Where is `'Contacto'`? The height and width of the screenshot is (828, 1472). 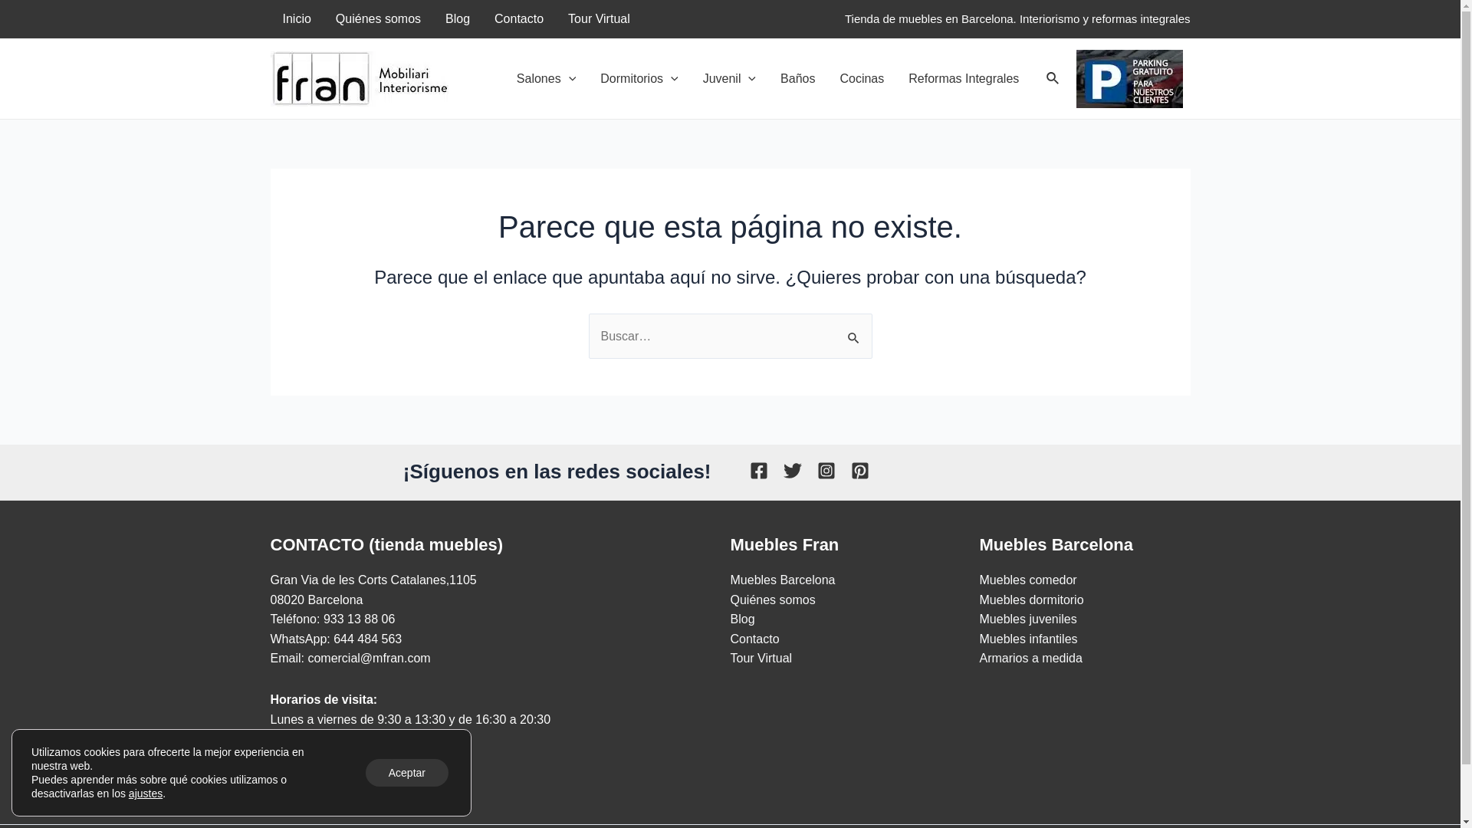 'Contacto' is located at coordinates (754, 639).